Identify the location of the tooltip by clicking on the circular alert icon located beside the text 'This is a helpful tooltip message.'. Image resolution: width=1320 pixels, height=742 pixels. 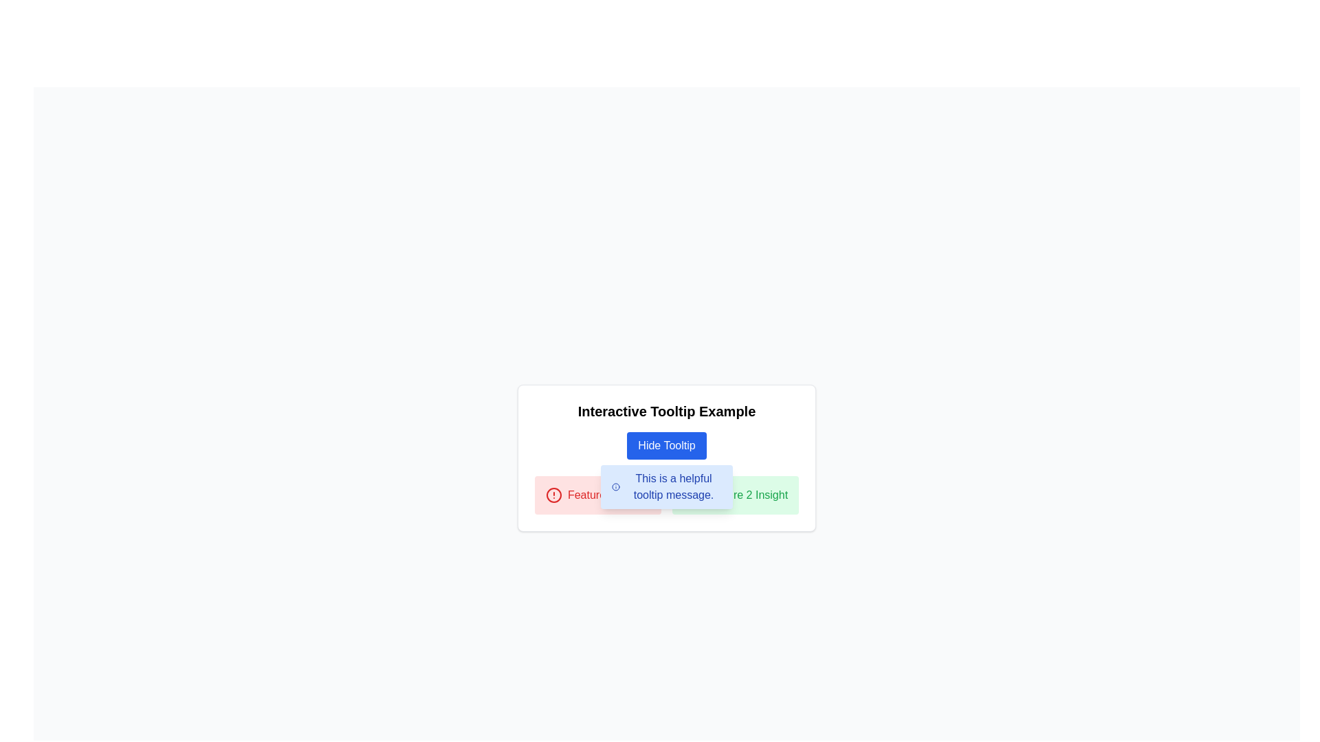
(692, 495).